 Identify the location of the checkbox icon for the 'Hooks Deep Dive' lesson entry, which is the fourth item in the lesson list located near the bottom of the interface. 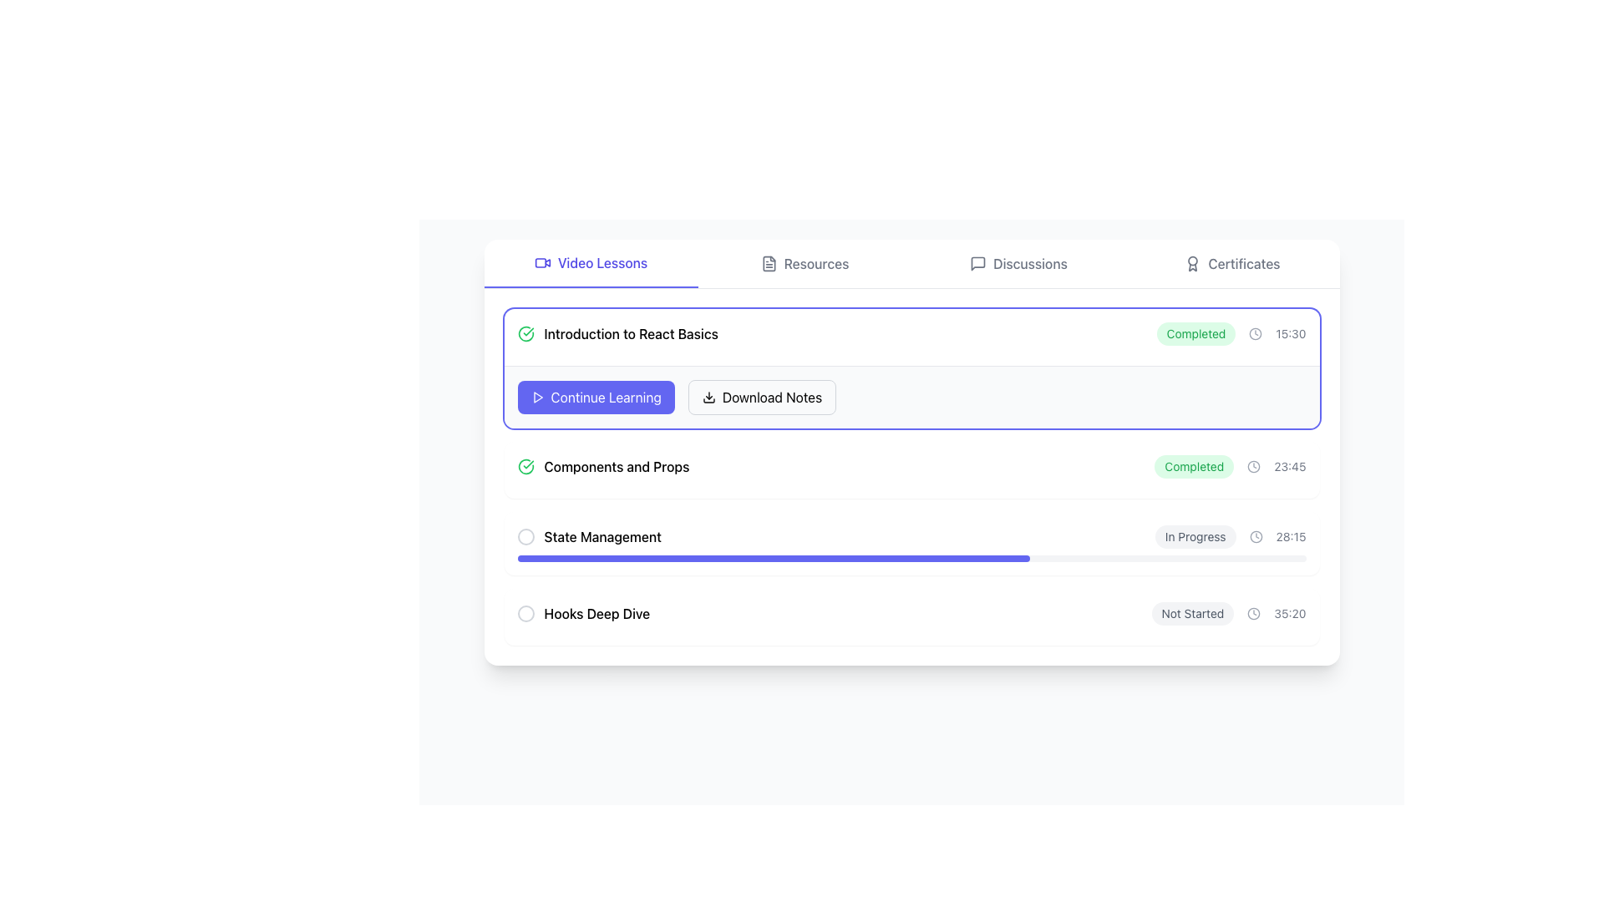
(583, 614).